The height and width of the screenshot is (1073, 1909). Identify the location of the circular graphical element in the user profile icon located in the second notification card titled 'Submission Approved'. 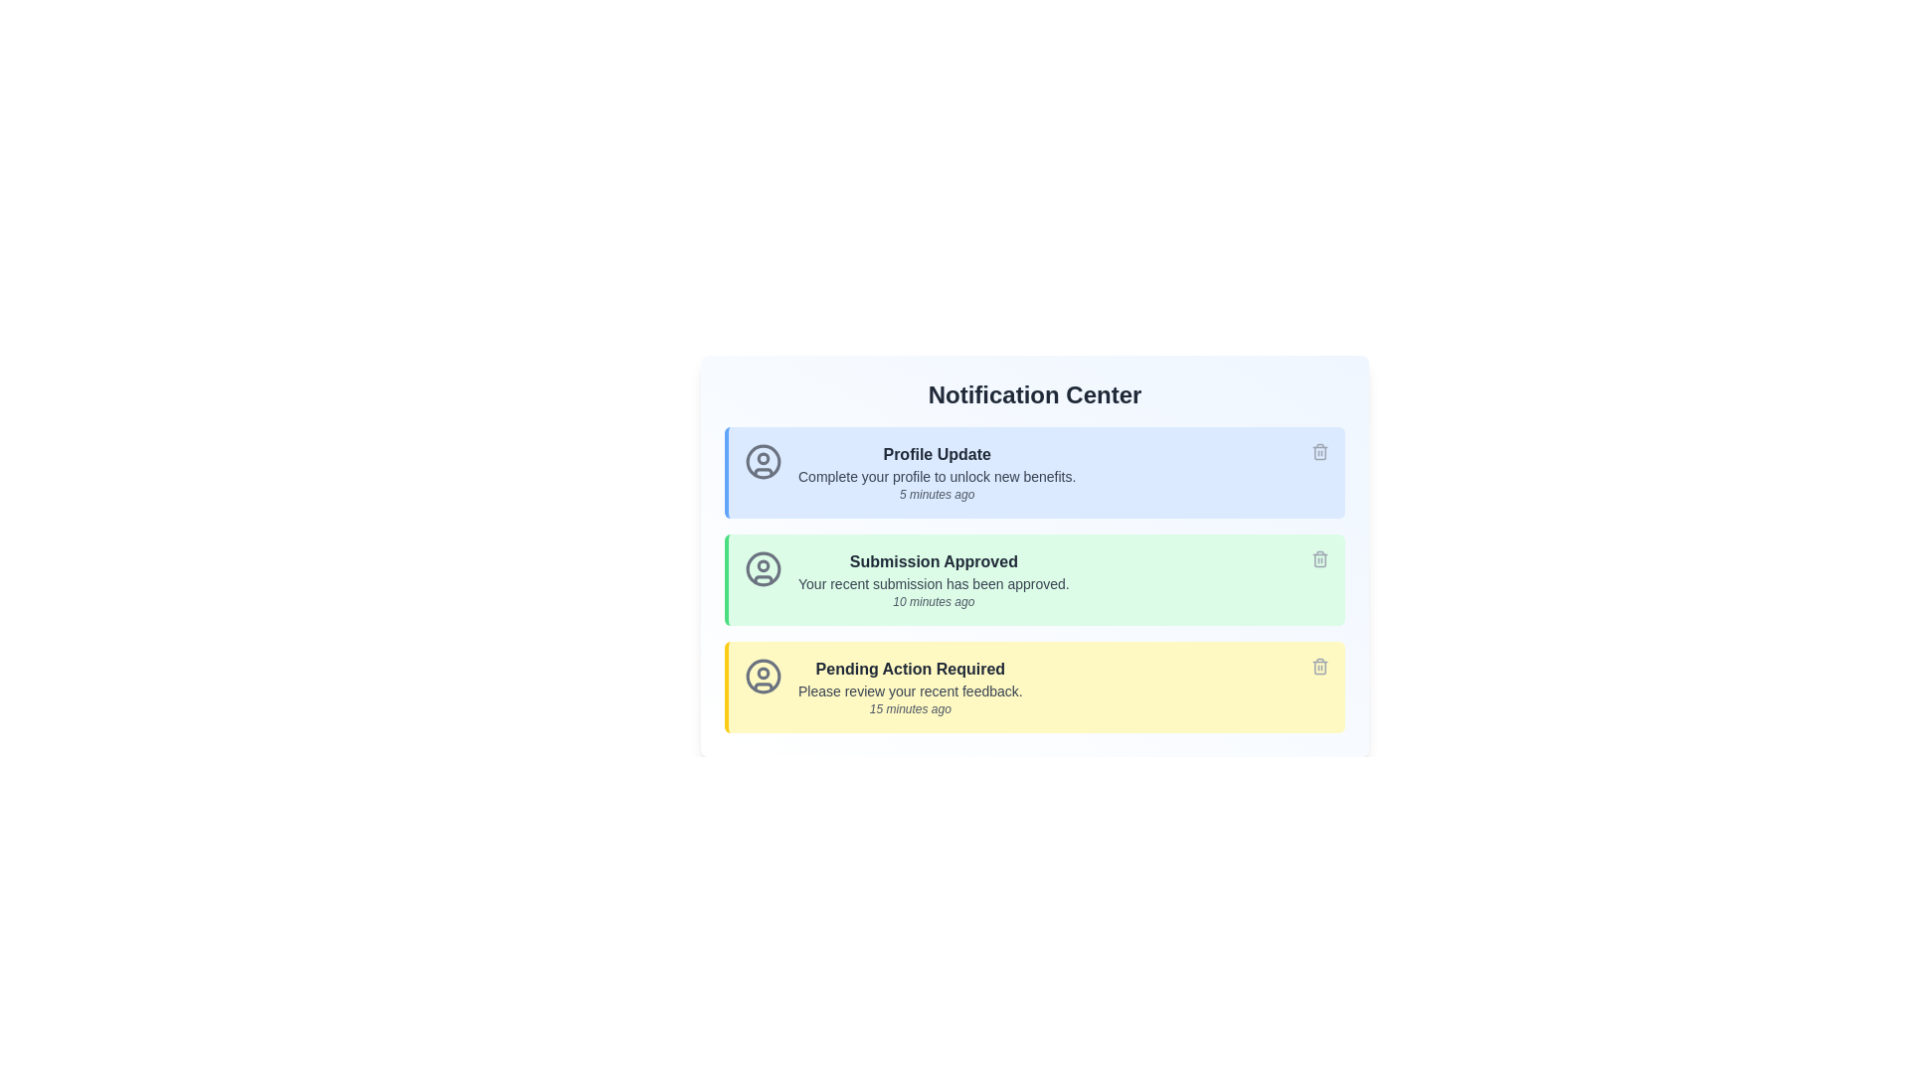
(763, 569).